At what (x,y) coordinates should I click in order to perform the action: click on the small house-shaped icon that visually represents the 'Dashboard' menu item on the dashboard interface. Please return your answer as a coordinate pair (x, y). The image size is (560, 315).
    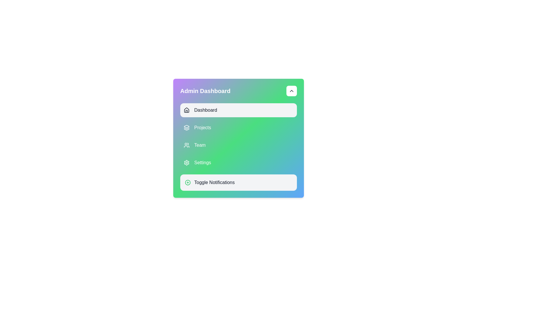
    Looking at the image, I should click on (186, 110).